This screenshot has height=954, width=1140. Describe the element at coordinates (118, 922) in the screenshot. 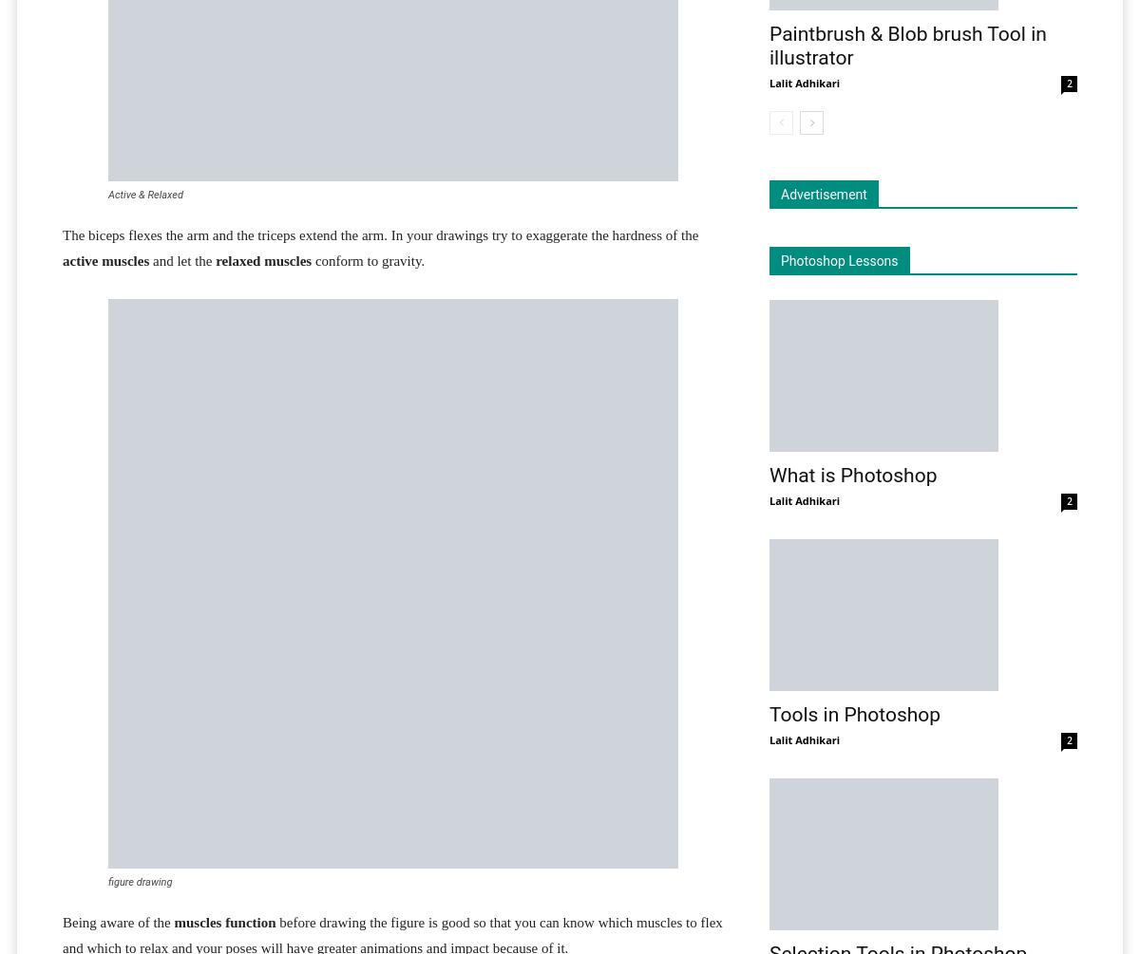

I see `'Being aware of the'` at that location.